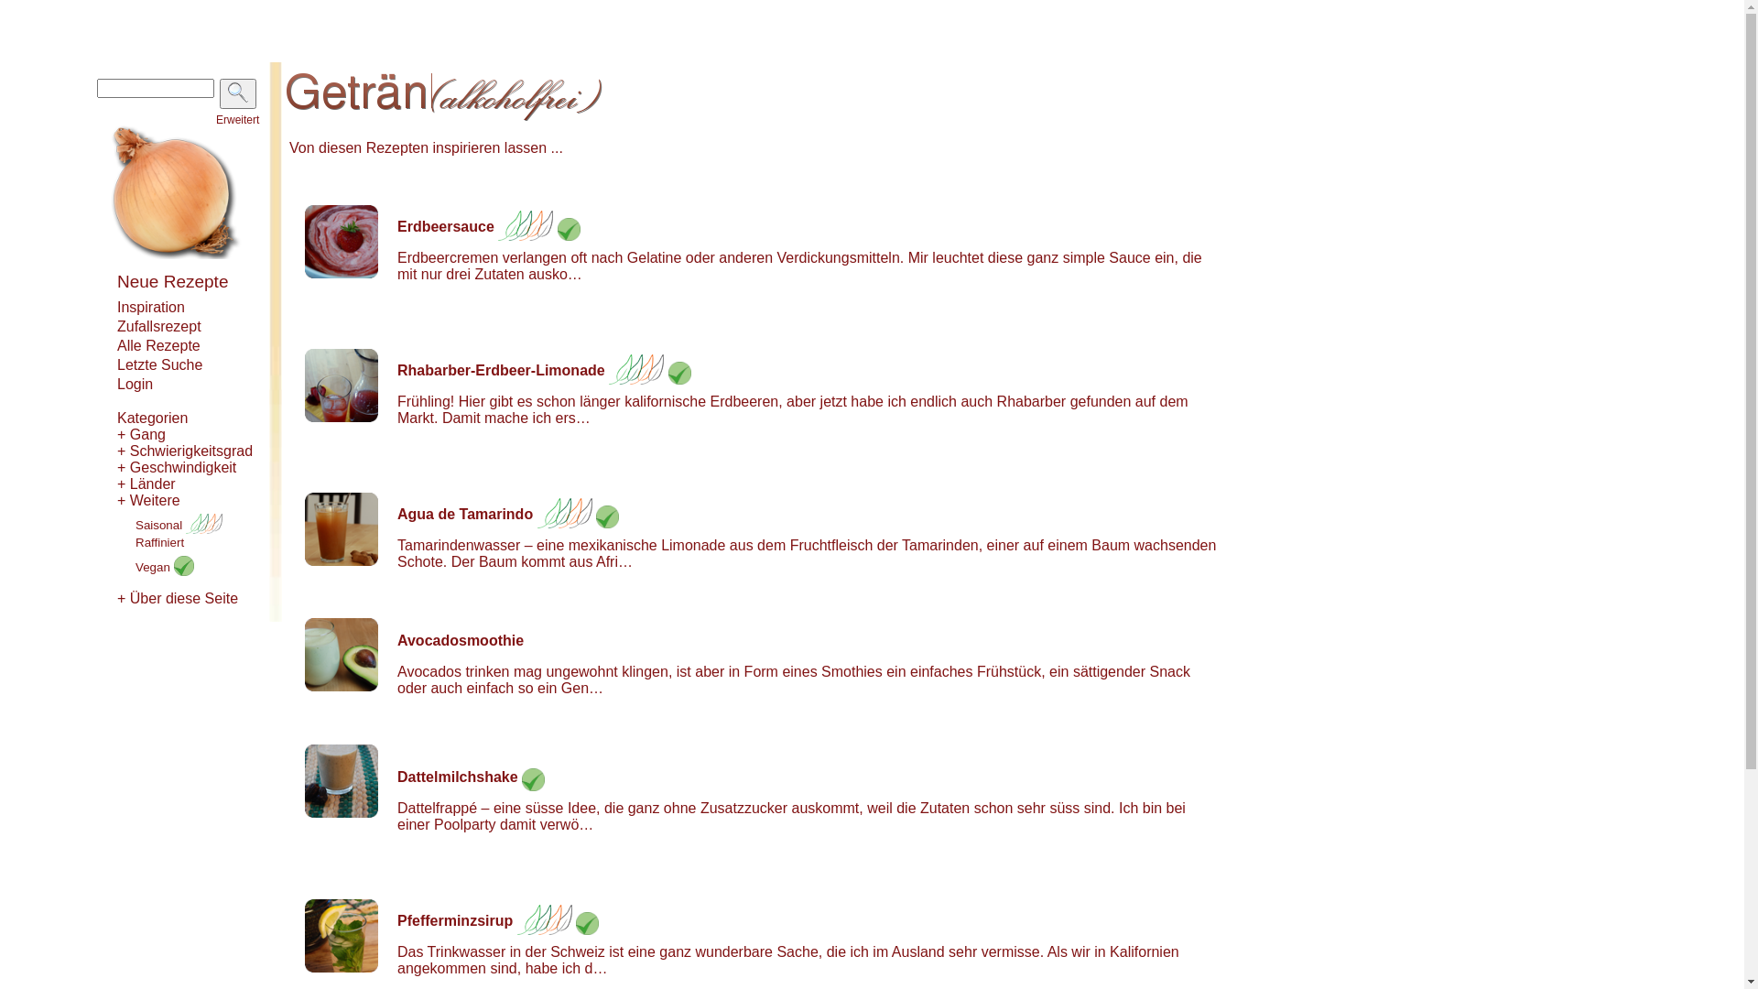 This screenshot has height=989, width=1758. Describe the element at coordinates (116, 451) in the screenshot. I see `'+ Schwierigkeitsgrad'` at that location.